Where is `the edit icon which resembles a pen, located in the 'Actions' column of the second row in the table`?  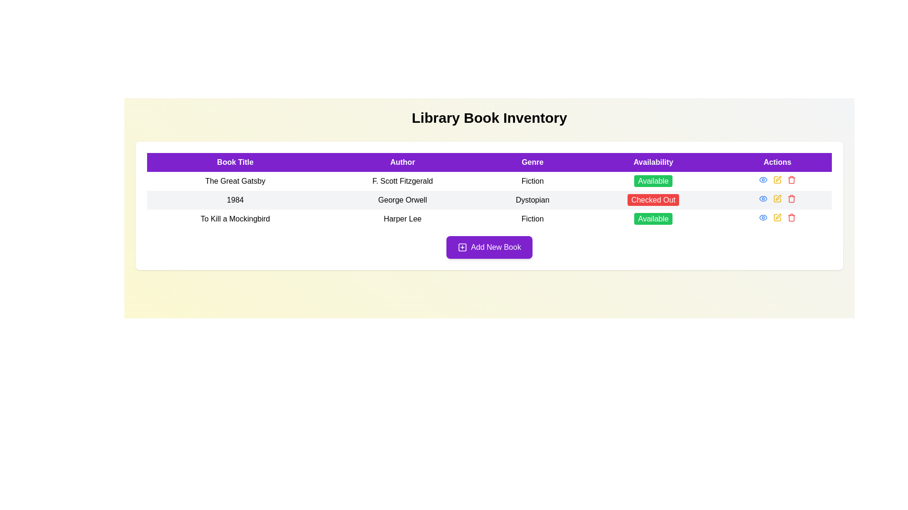
the edit icon which resembles a pen, located in the 'Actions' column of the second row in the table is located at coordinates (777, 198).